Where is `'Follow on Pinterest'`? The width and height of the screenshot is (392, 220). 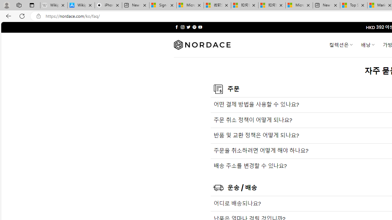 'Follow on Pinterest' is located at coordinates (194, 27).